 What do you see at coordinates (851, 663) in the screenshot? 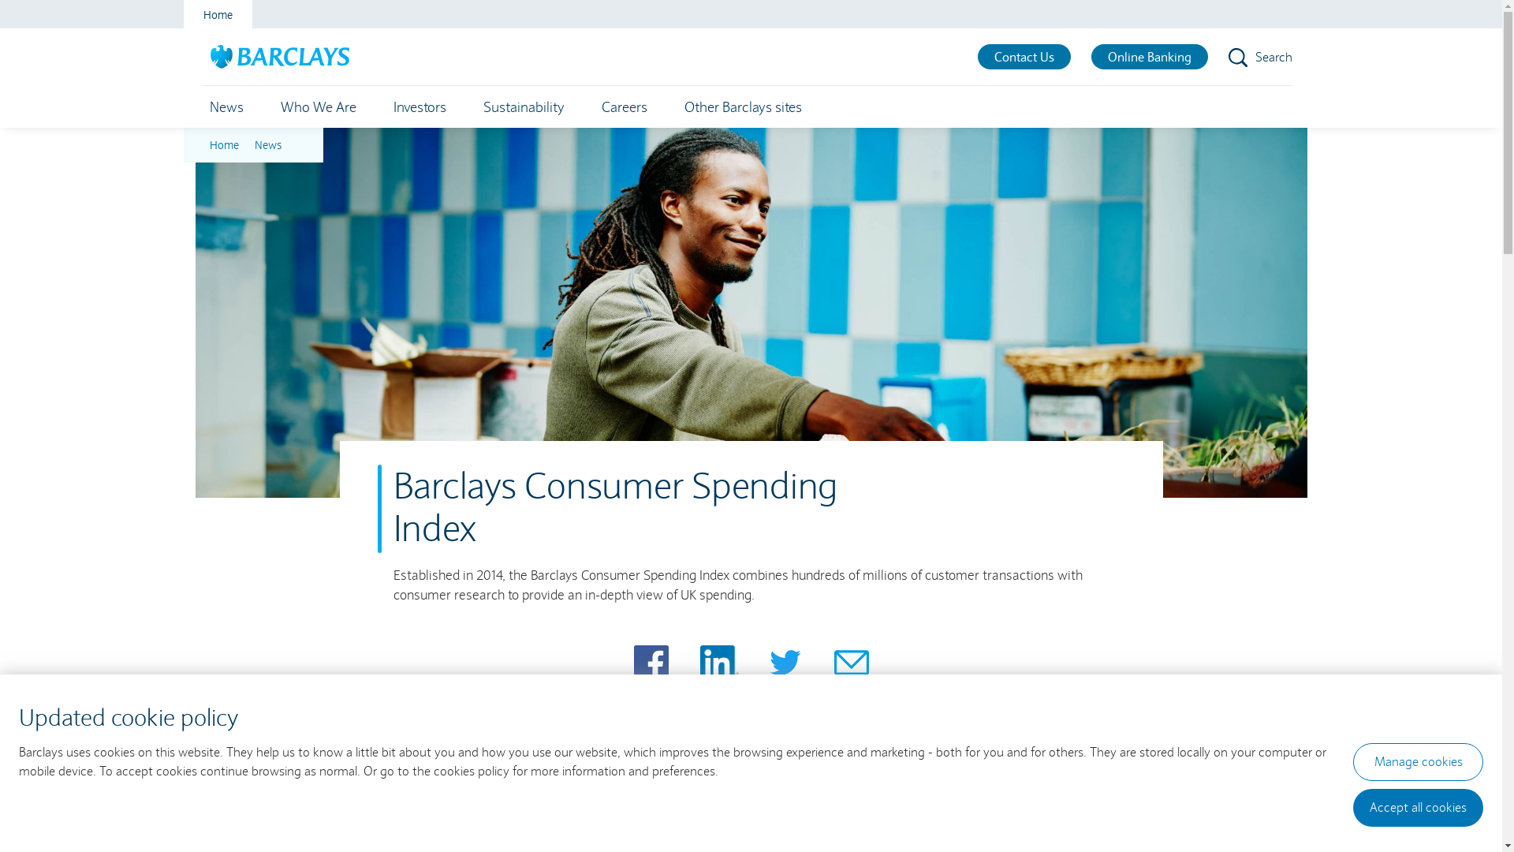
I see `'Share page via Email'` at bounding box center [851, 663].